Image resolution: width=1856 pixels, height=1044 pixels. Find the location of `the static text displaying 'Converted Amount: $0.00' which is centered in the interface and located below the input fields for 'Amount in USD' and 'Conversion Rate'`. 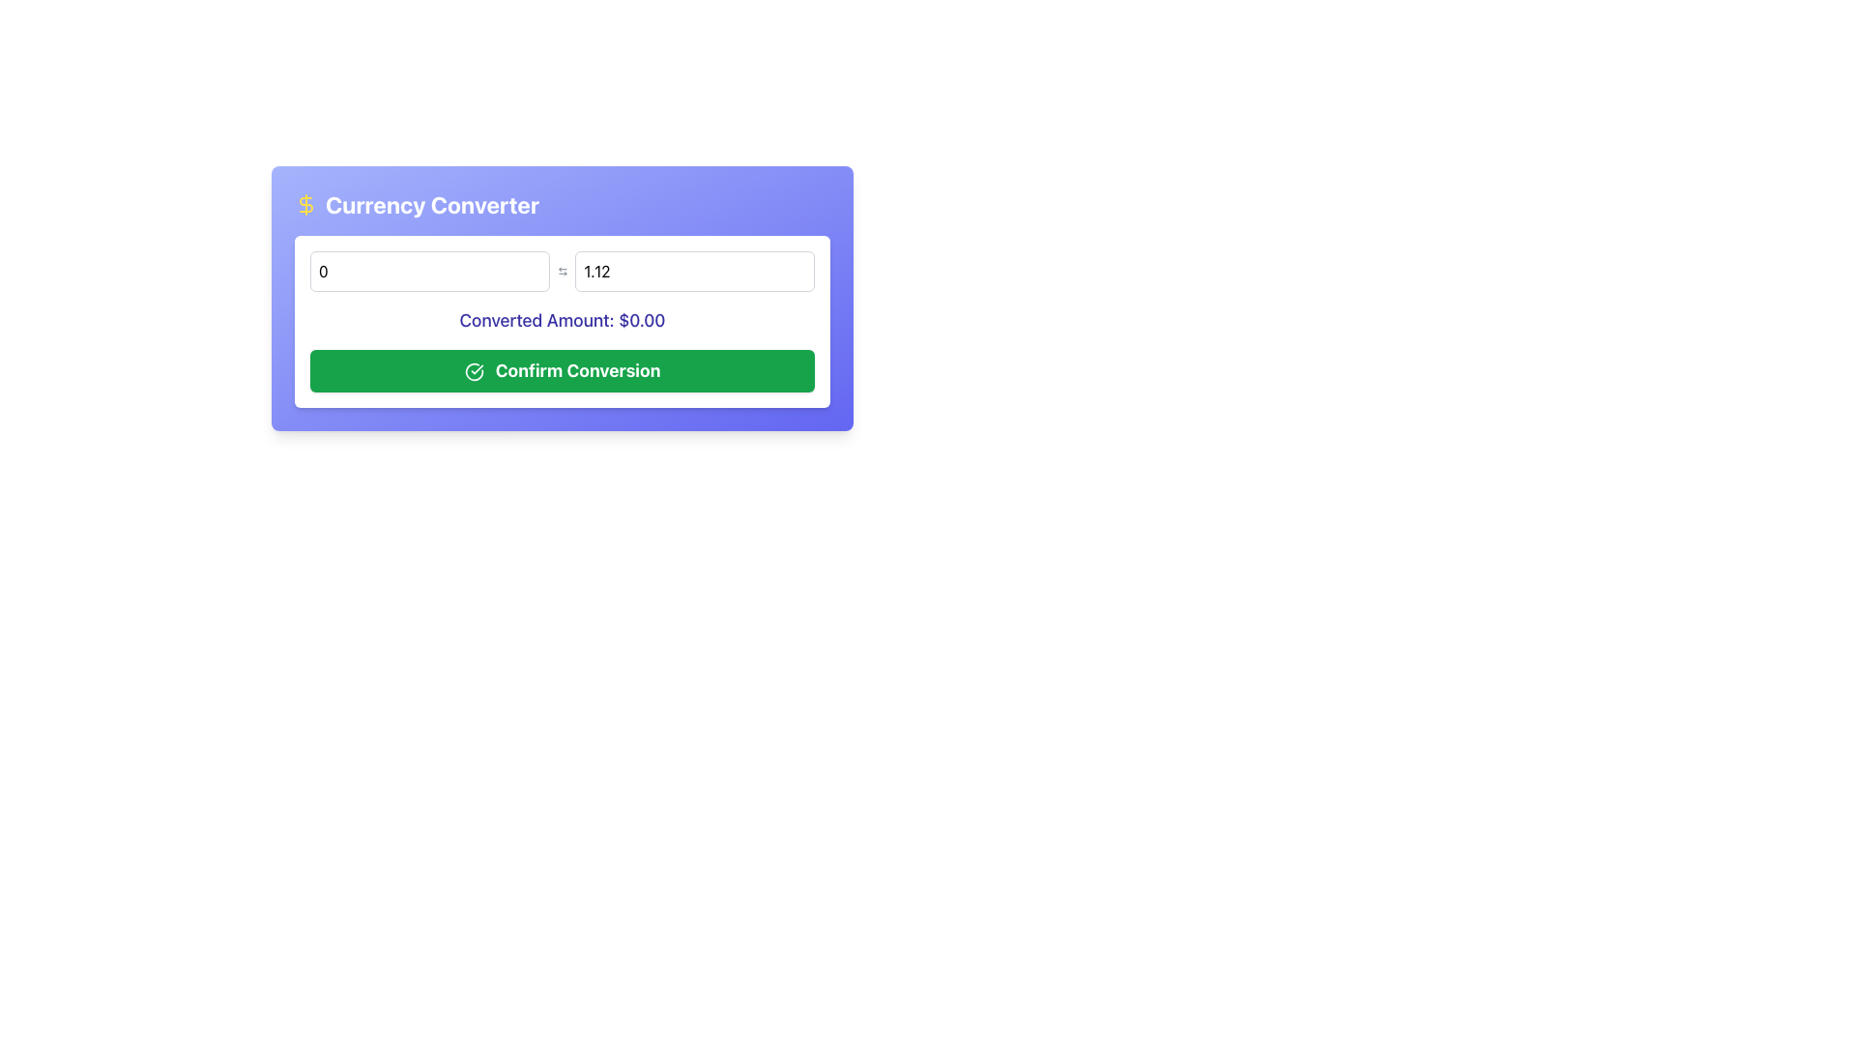

the static text displaying 'Converted Amount: $0.00' which is centered in the interface and located below the input fields for 'Amount in USD' and 'Conversion Rate' is located at coordinates (561, 319).